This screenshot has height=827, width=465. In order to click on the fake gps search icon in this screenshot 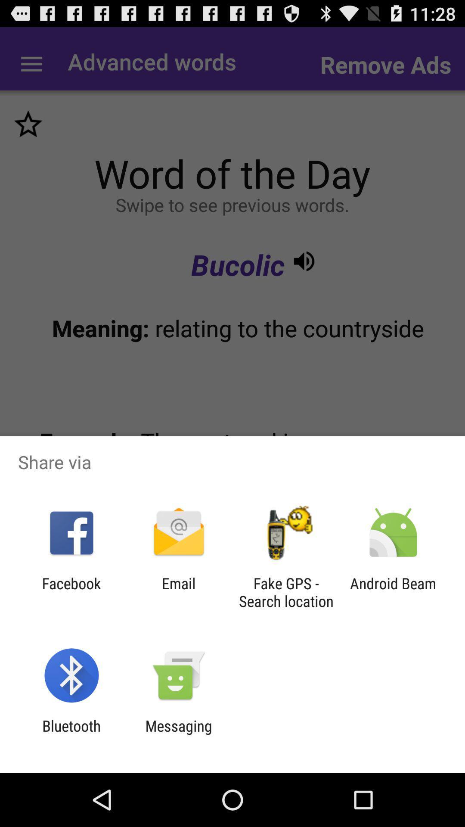, I will do `click(286, 592)`.